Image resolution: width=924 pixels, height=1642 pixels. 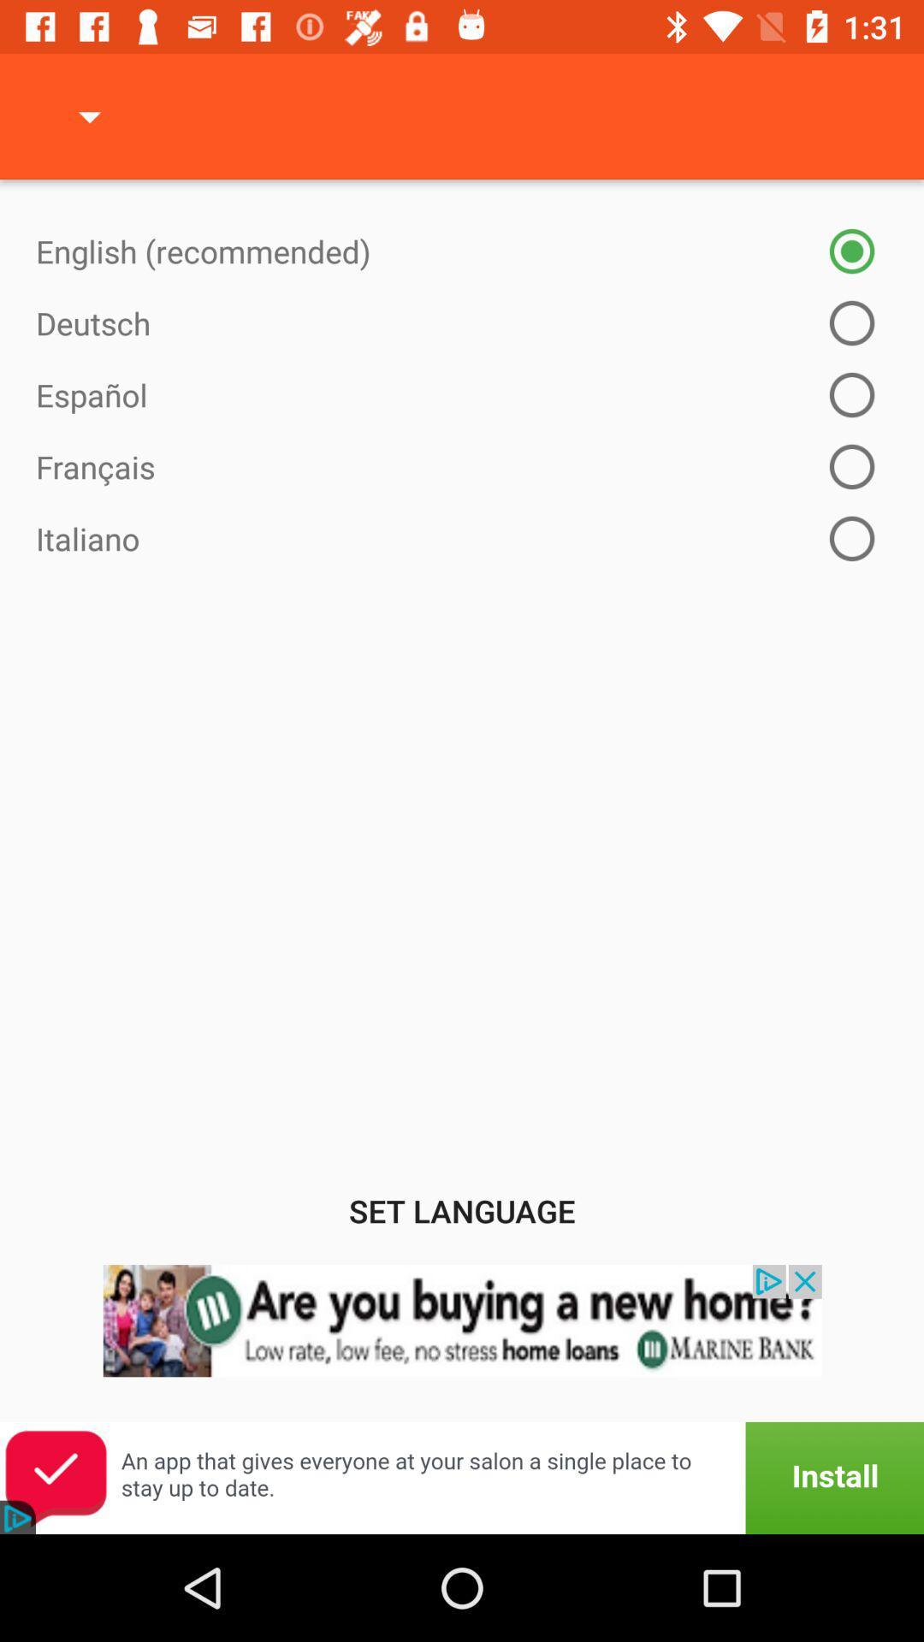 I want to click on advertisement page, so click(x=462, y=1477).